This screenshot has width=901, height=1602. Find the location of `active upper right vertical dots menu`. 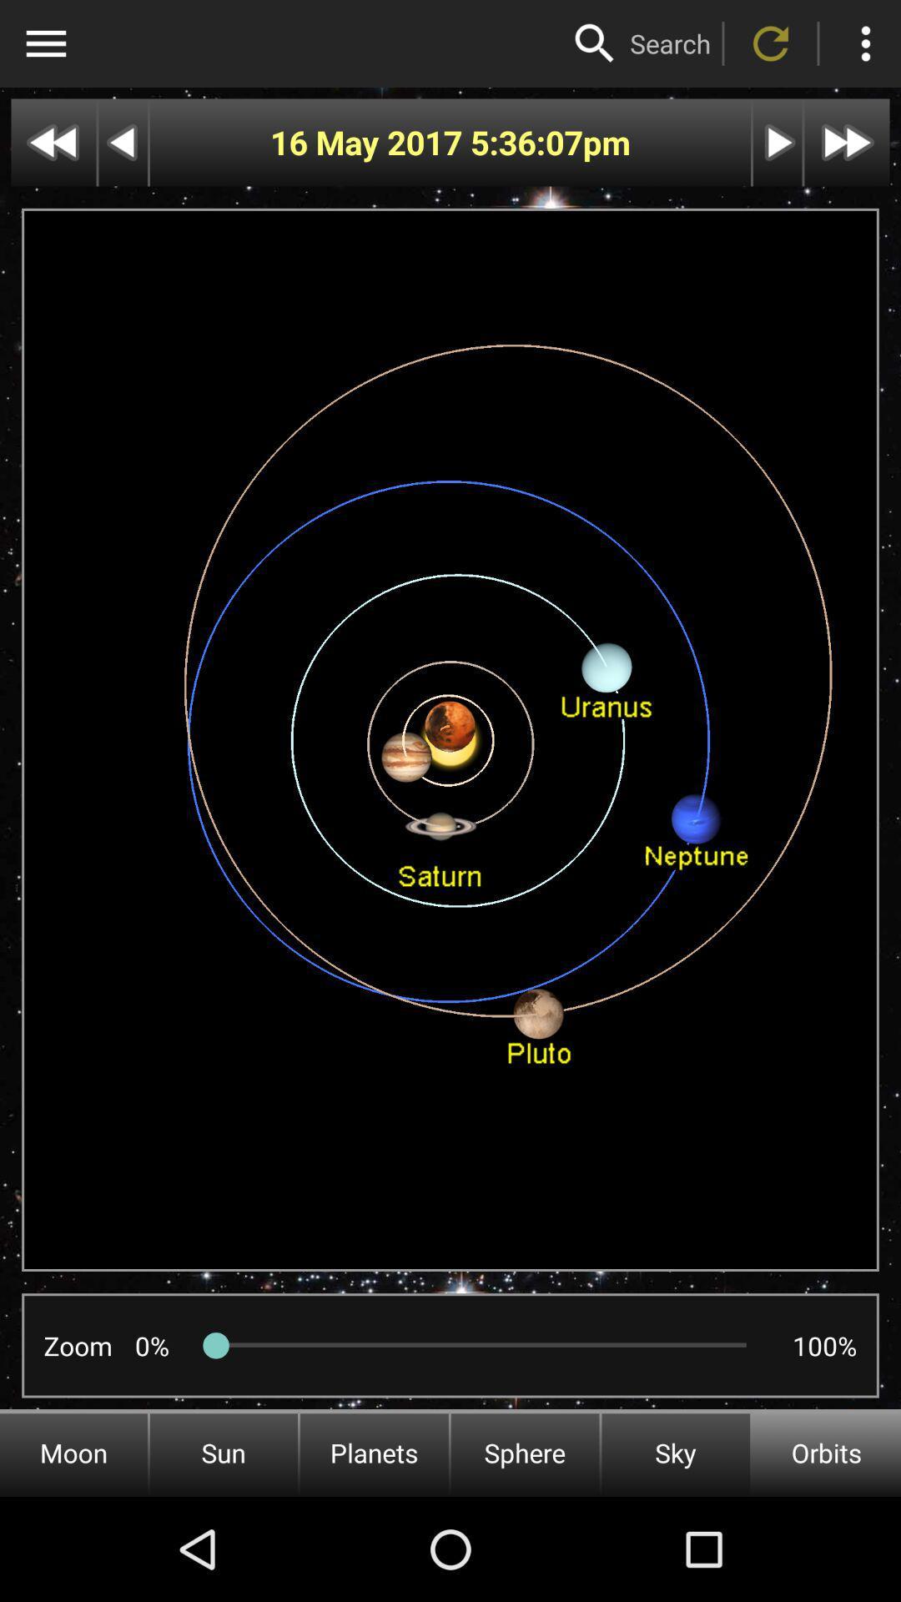

active upper right vertical dots menu is located at coordinates (864, 43).